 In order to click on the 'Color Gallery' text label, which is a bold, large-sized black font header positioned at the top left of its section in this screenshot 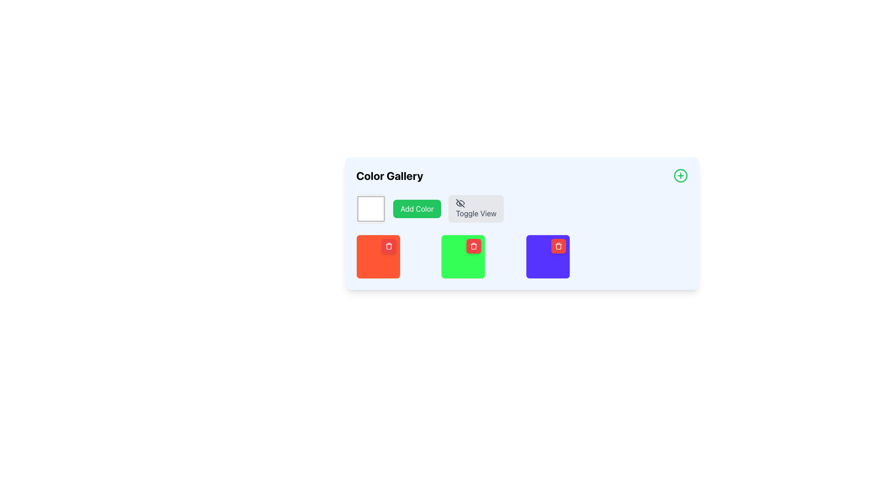, I will do `click(389, 175)`.